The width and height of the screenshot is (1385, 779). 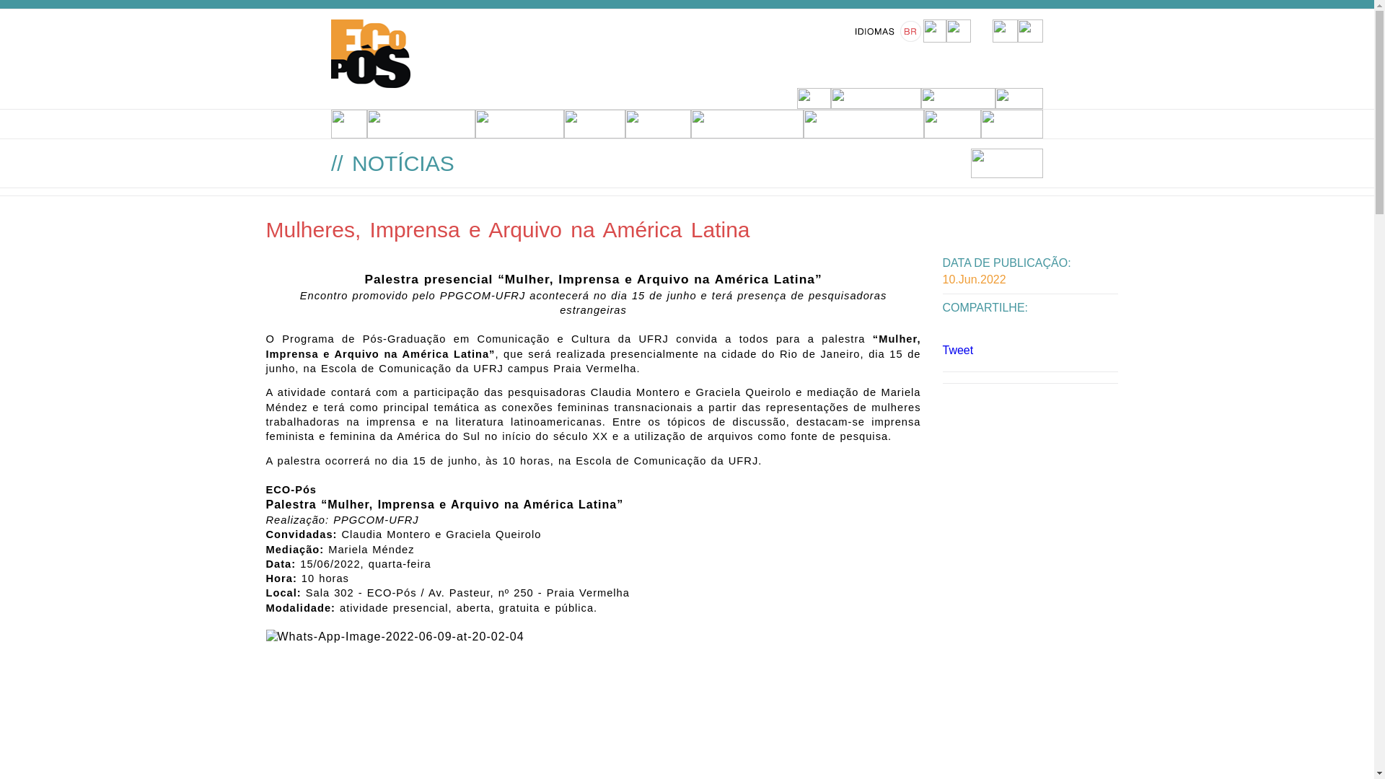 What do you see at coordinates (957, 350) in the screenshot?
I see `'Tweet'` at bounding box center [957, 350].